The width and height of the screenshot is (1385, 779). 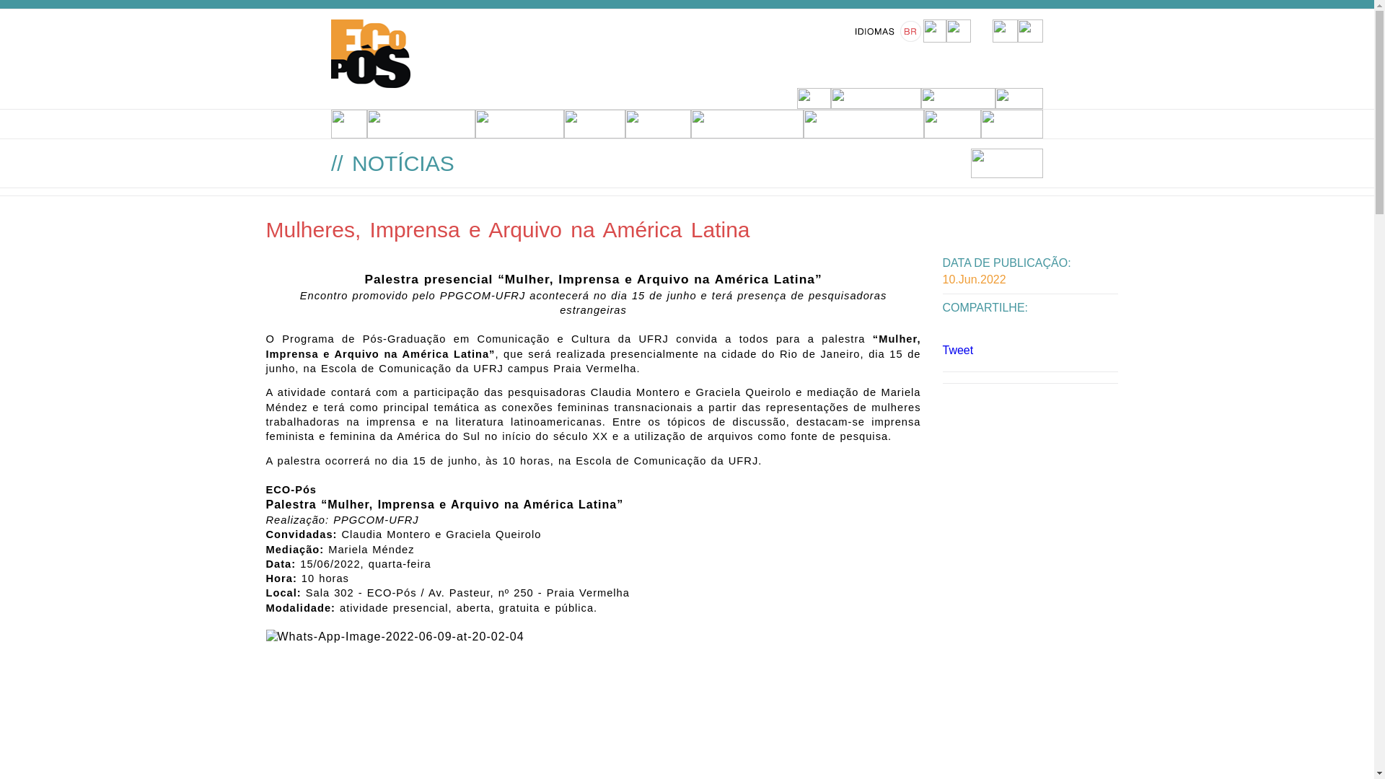 What do you see at coordinates (957, 350) in the screenshot?
I see `'Tweet'` at bounding box center [957, 350].